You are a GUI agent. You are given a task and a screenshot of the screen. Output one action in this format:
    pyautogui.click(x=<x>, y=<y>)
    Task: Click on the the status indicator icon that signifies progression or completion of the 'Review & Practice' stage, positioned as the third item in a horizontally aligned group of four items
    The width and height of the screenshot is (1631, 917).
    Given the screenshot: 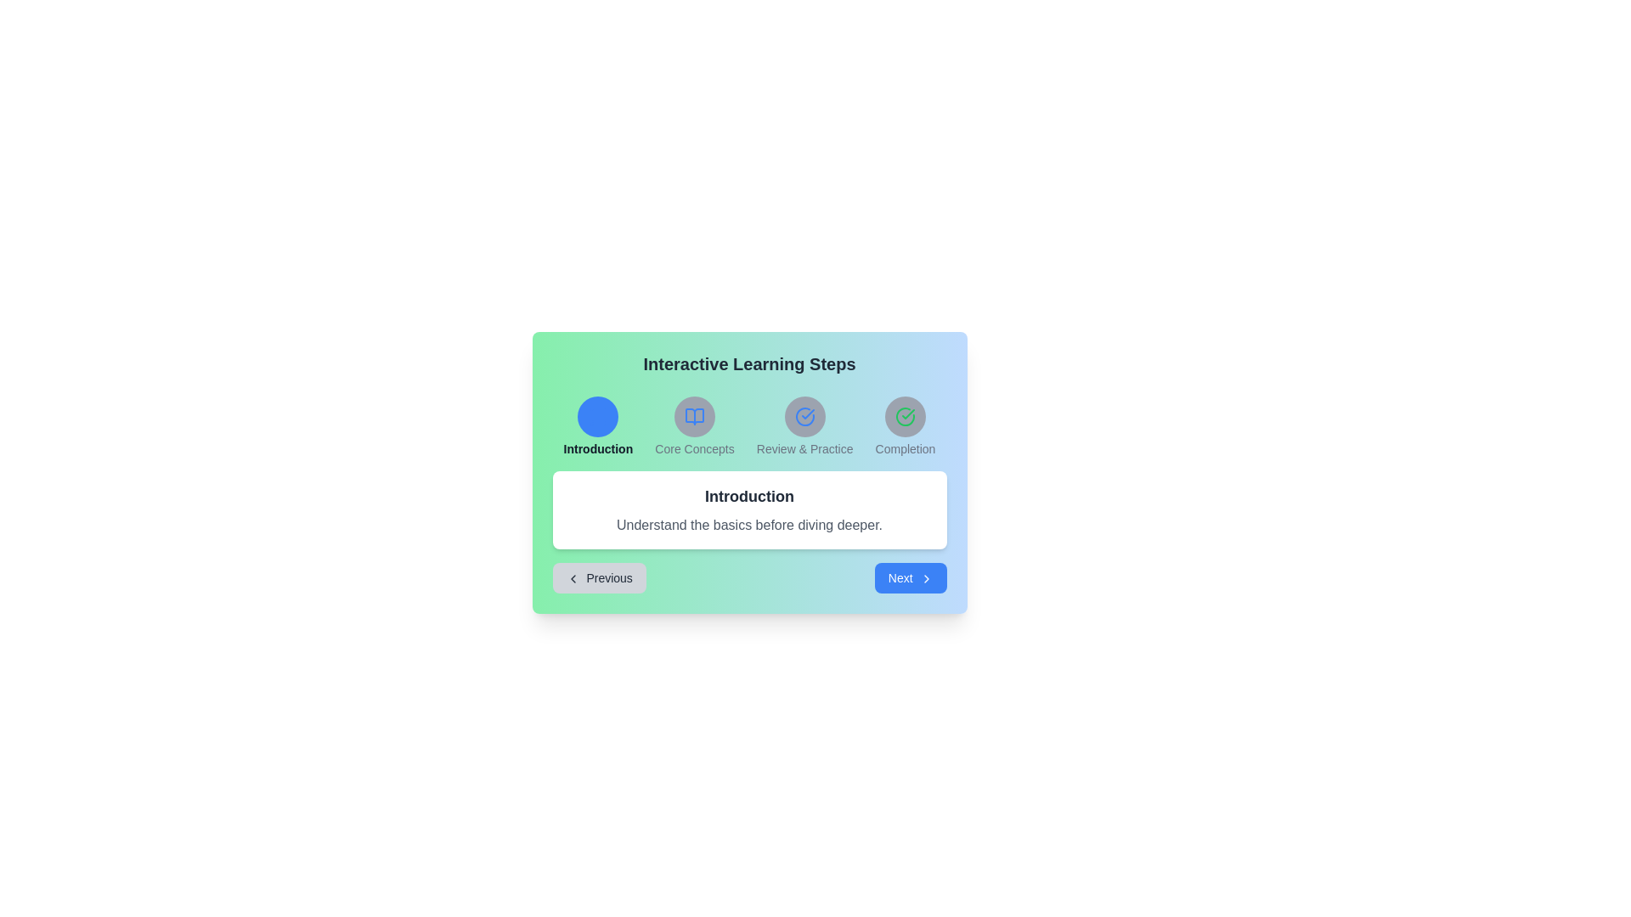 What is the action you would take?
    pyautogui.click(x=804, y=425)
    